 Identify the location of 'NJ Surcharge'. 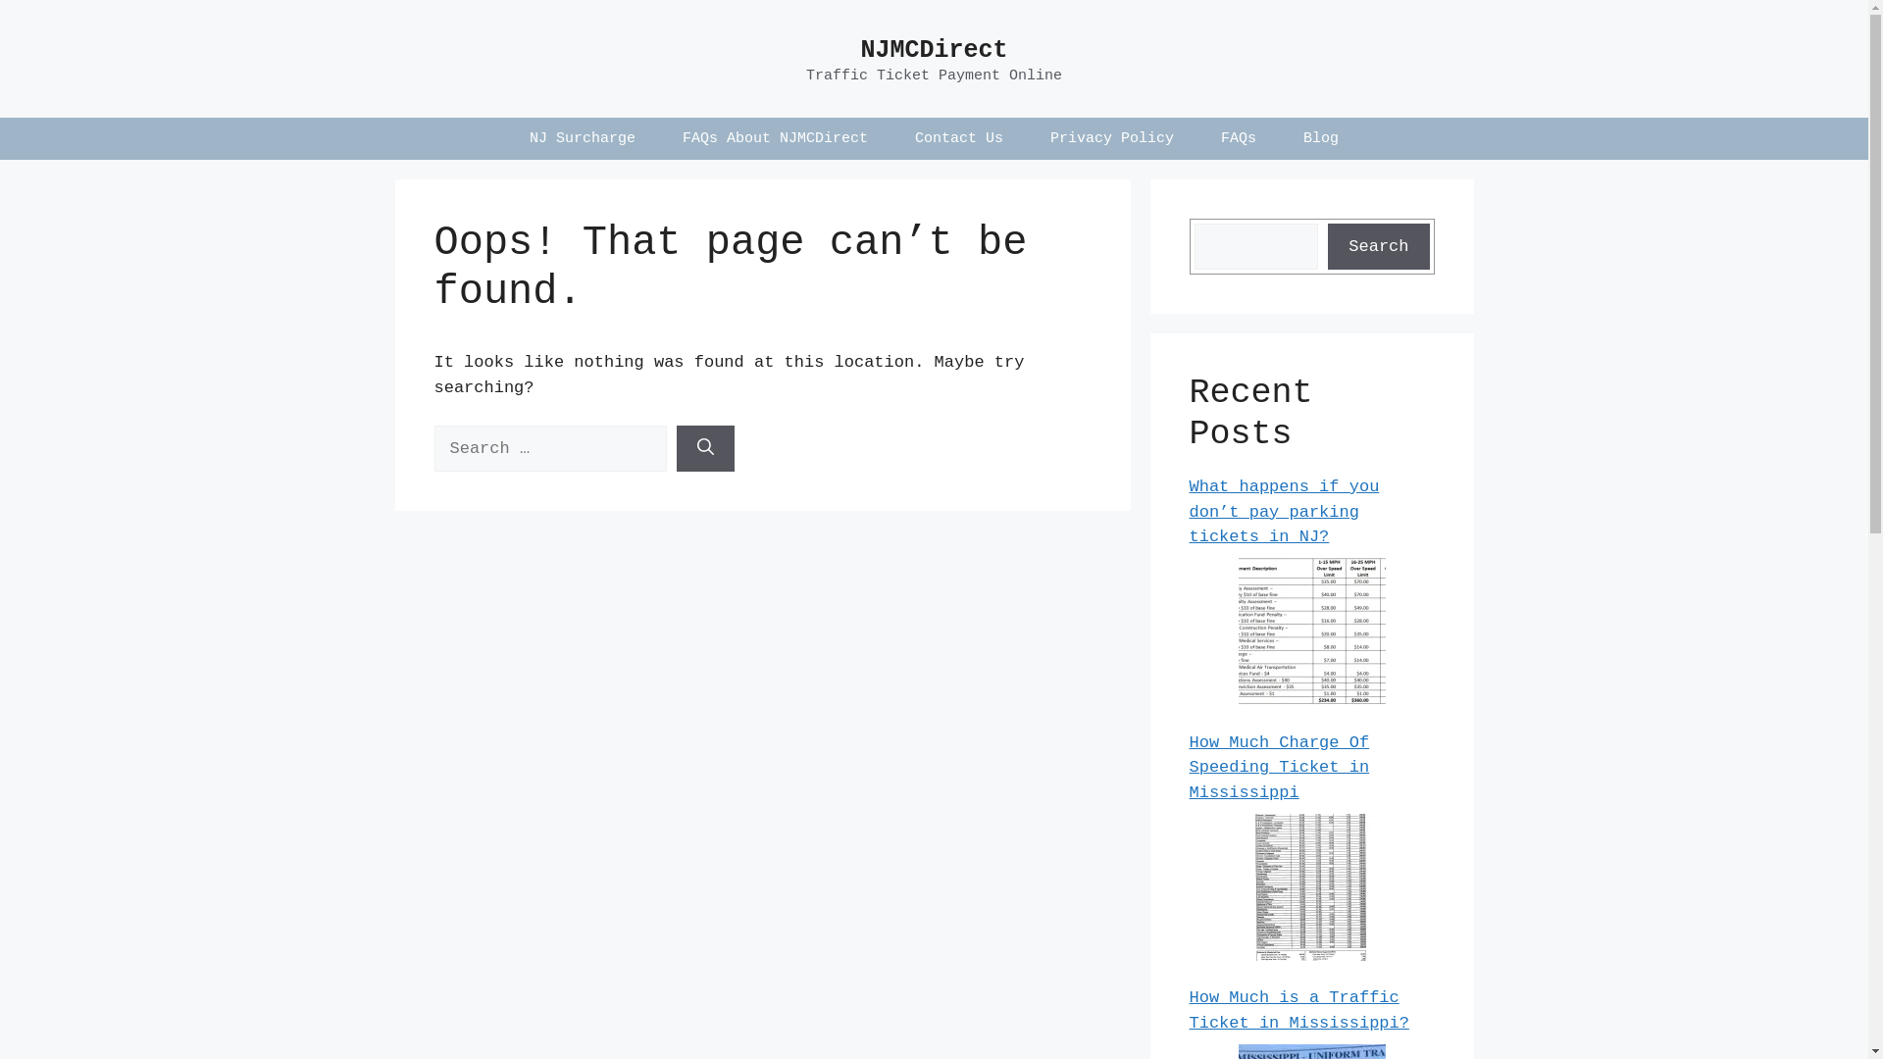
(582, 137).